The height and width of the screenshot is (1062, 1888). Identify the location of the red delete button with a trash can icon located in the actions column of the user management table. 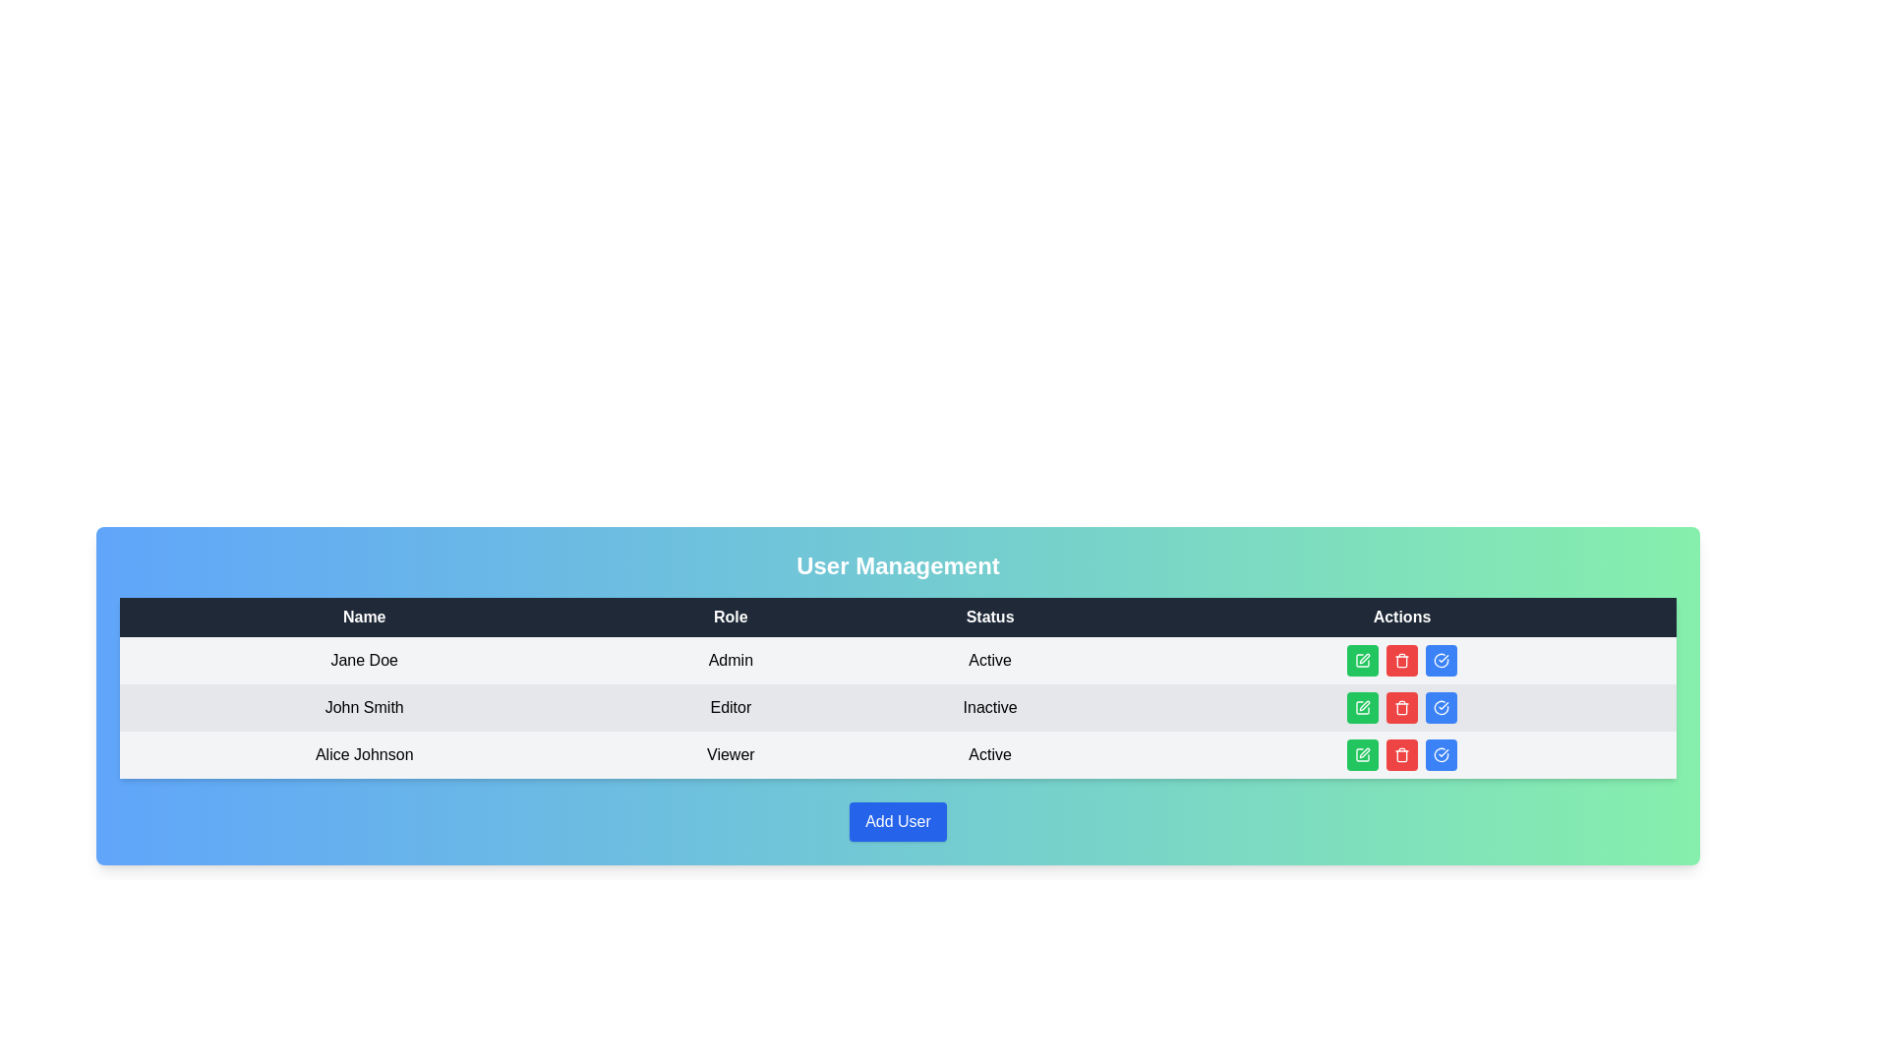
(1400, 660).